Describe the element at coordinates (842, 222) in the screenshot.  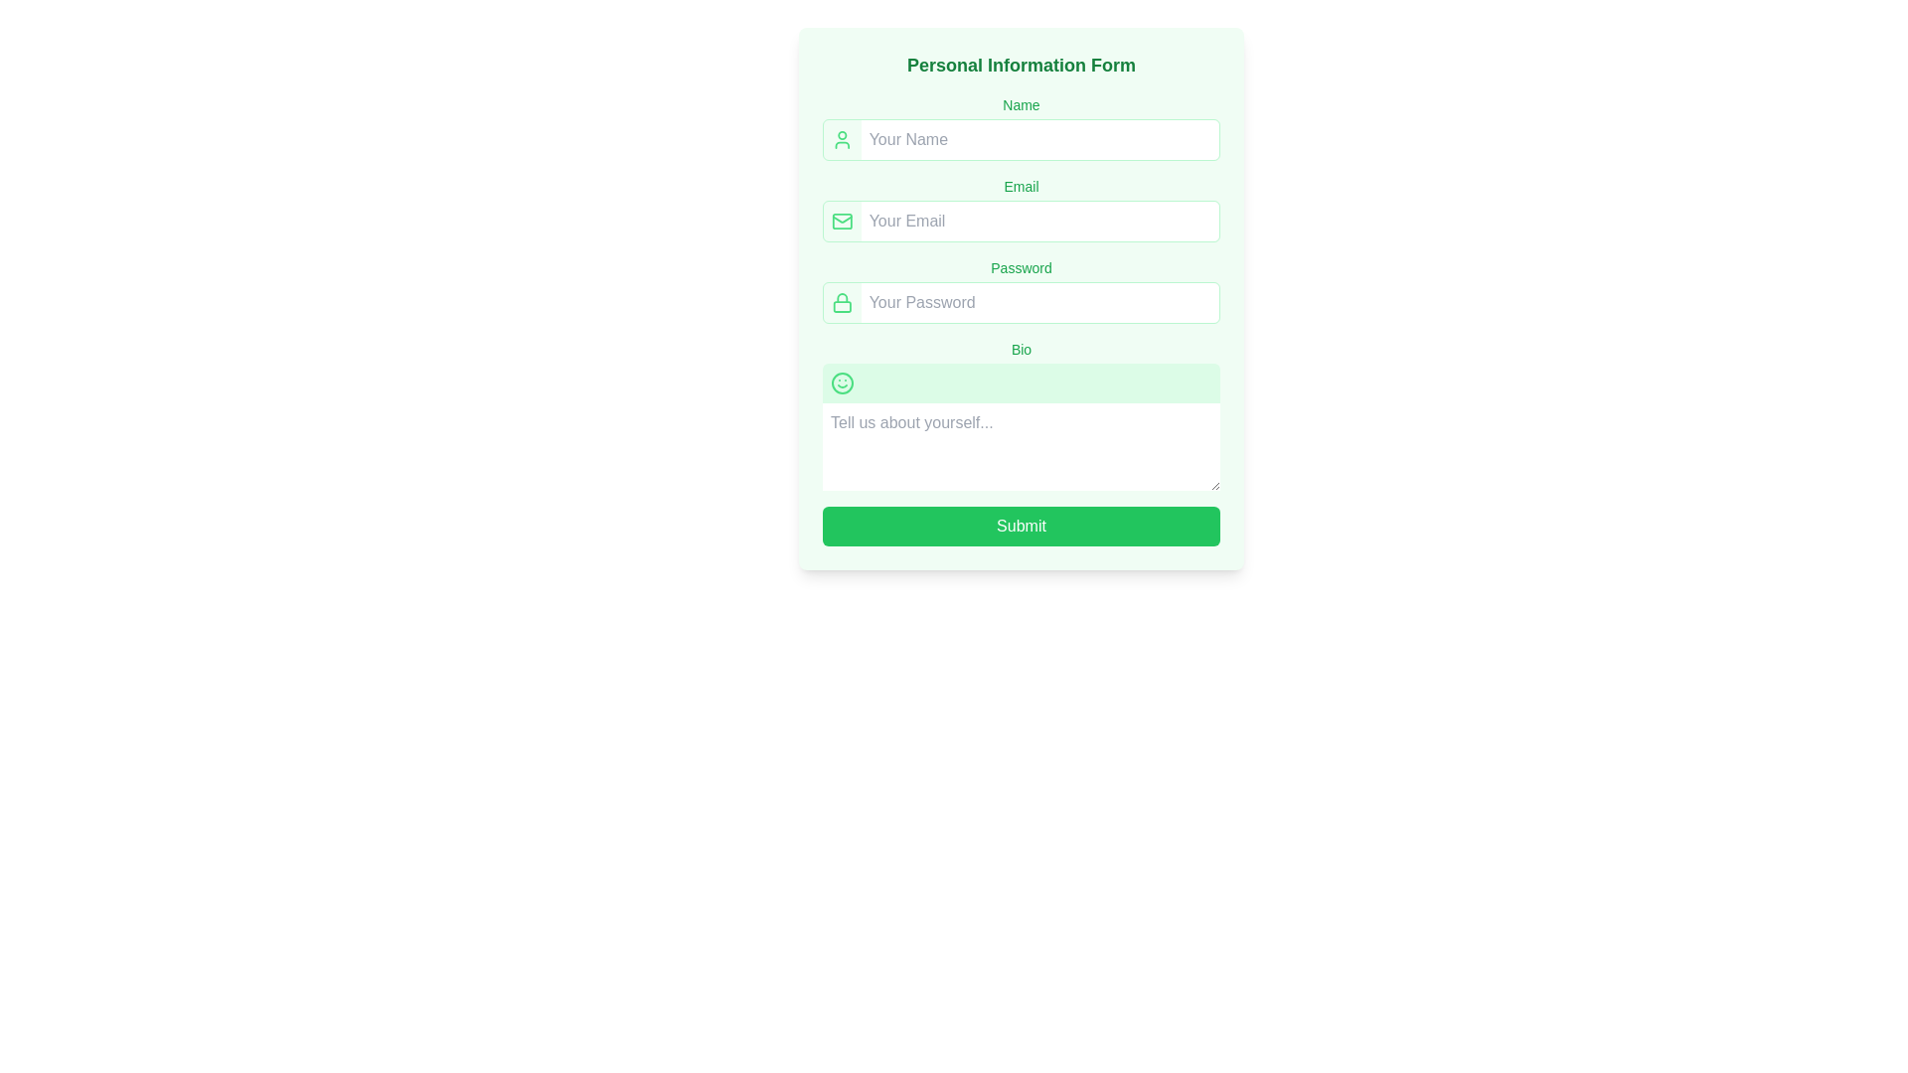
I see `the email input field icon located to the left of the 'Your Email' input box` at that location.